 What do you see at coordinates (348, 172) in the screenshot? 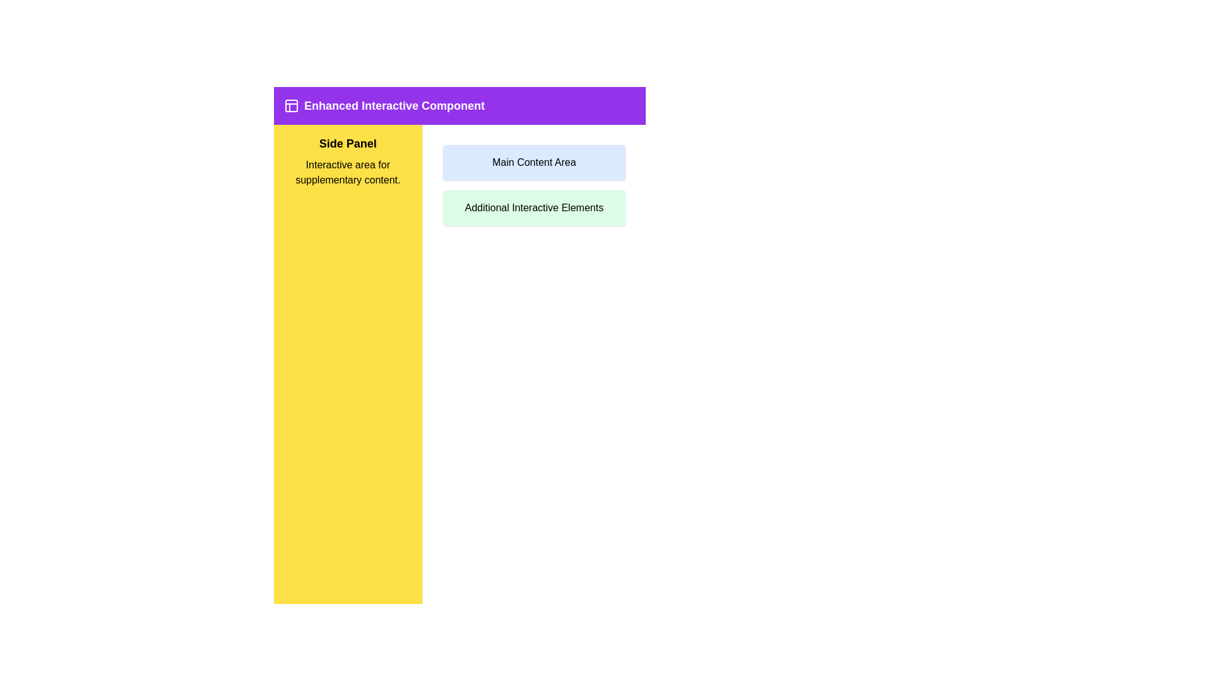
I see `the text label displaying 'Interactive area for supplementary content.' located below the 'Side Panel' heading` at bounding box center [348, 172].